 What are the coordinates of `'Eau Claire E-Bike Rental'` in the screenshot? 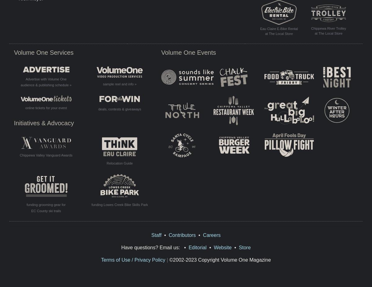 It's located at (260, 28).